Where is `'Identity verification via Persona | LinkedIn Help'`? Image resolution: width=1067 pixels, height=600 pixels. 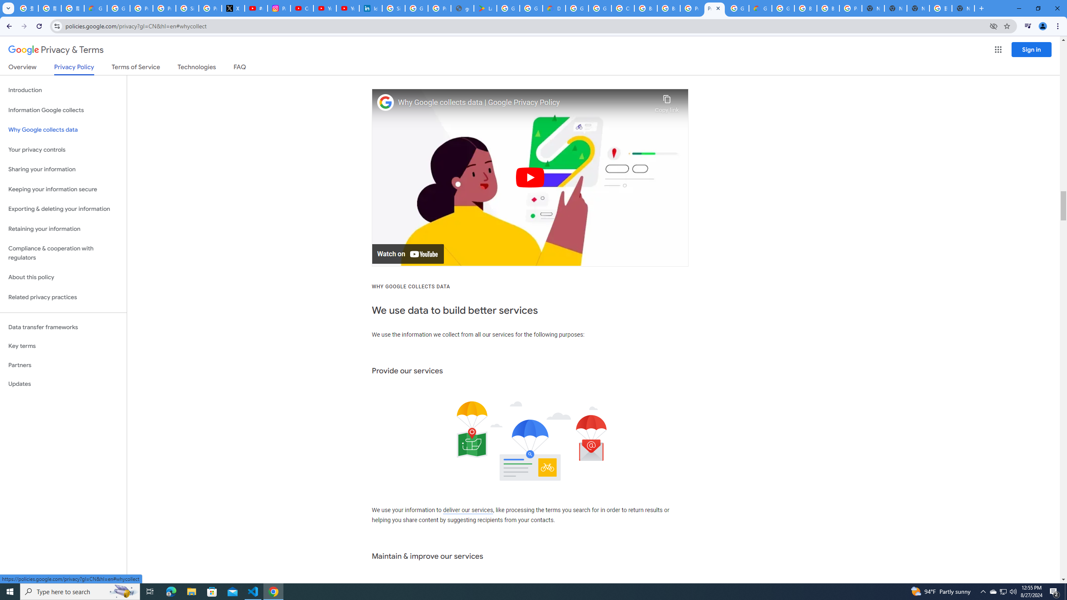 'Identity verification via Persona | LinkedIn Help' is located at coordinates (370, 8).